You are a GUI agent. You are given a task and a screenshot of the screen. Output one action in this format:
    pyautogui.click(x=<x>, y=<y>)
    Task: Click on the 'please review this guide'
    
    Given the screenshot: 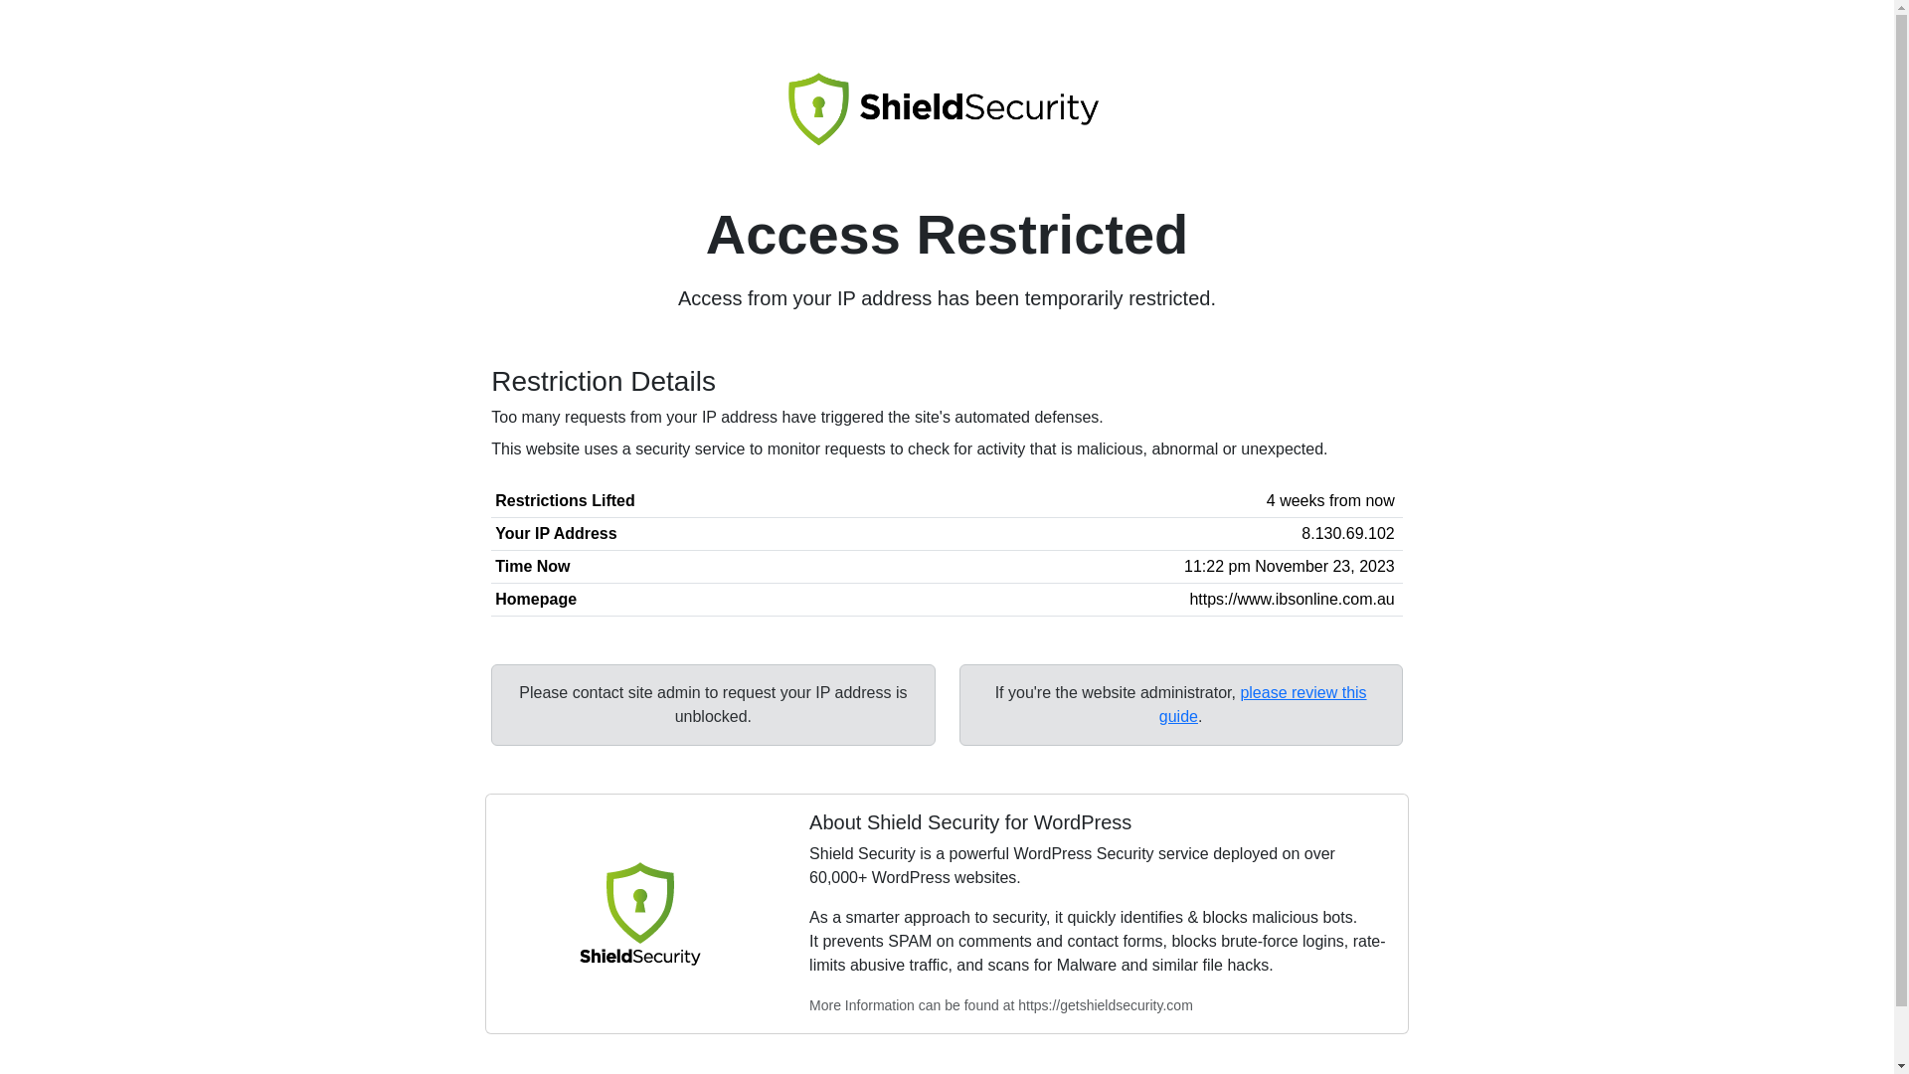 What is the action you would take?
    pyautogui.click(x=1262, y=703)
    